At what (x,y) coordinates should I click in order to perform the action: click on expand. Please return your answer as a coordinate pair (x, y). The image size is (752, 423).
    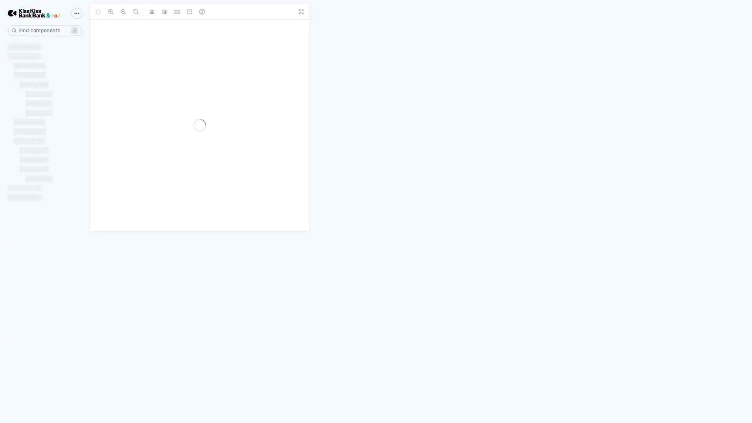
    Looking at the image, I should click on (78, 205).